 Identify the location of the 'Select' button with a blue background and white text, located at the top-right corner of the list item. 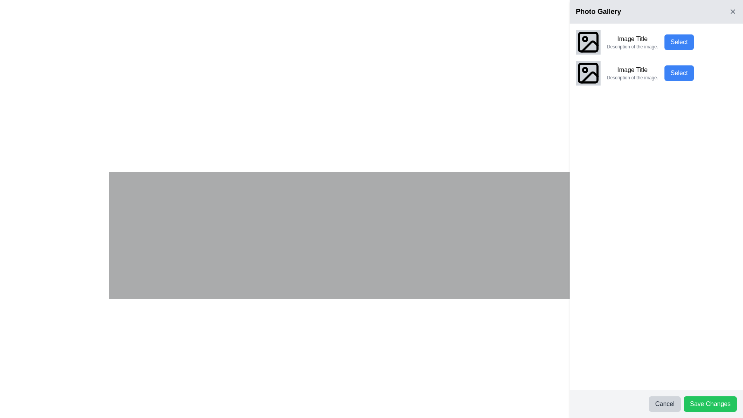
(678, 42).